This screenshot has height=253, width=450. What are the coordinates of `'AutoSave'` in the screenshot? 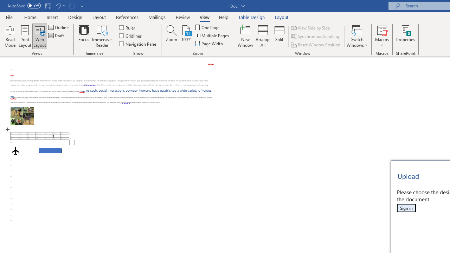 It's located at (24, 6).